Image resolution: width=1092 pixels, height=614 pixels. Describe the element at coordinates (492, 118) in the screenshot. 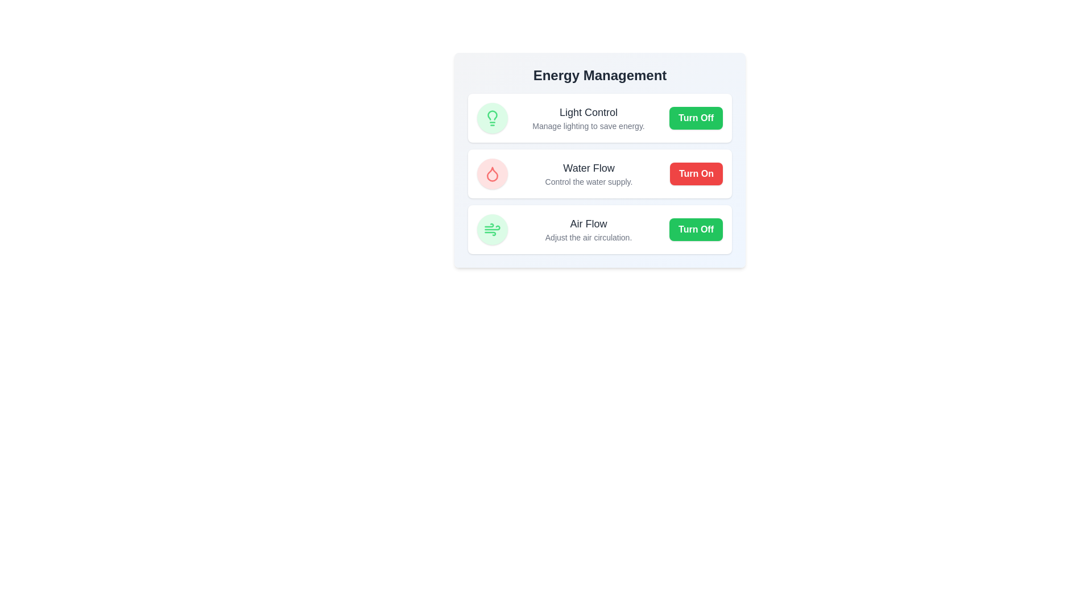

I see `the green circular icon with a lightbulb inside it, located to the left of the 'Light Control' section's text content` at that location.